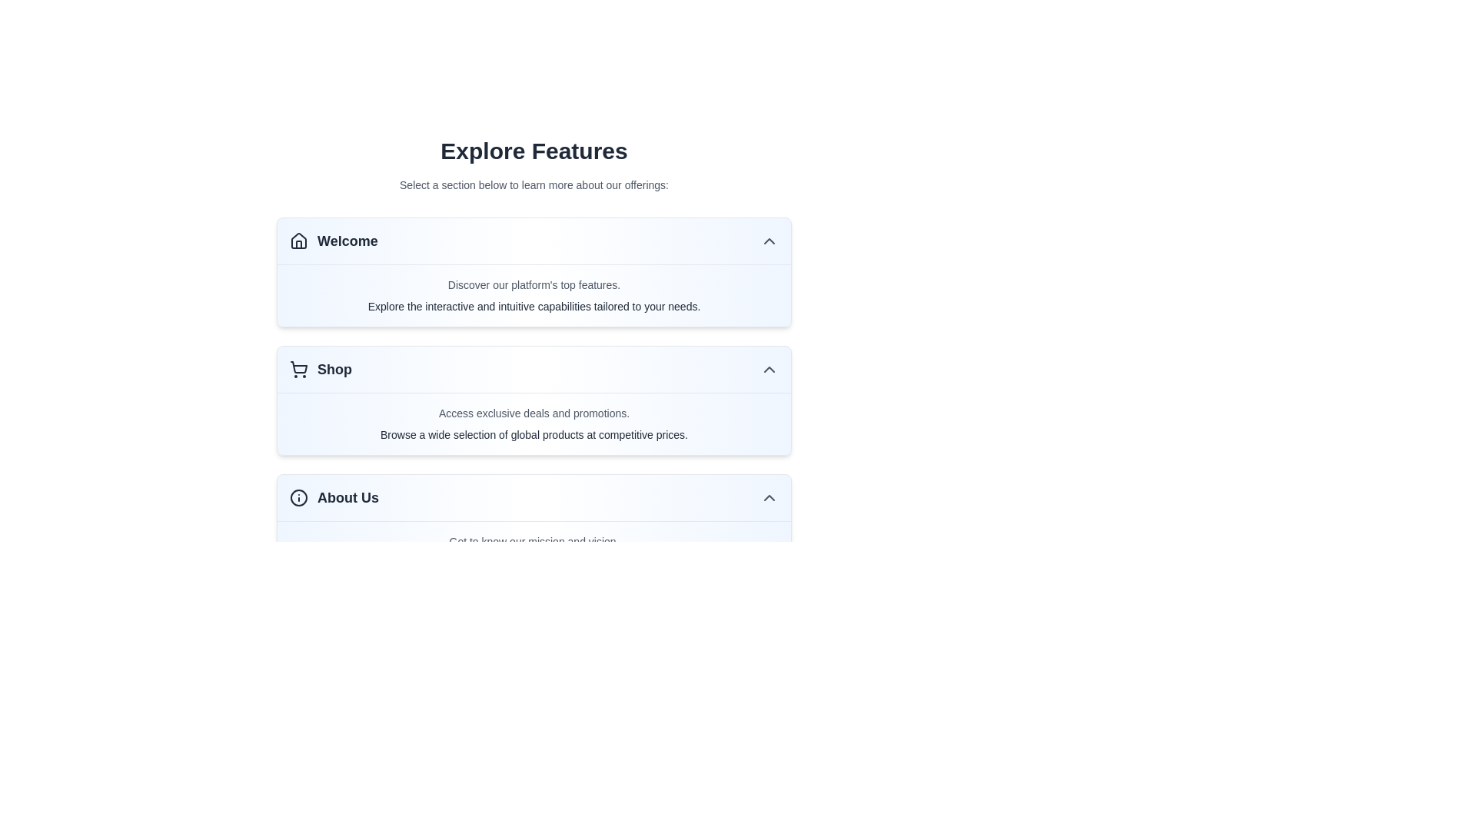 The height and width of the screenshot is (830, 1476). Describe the element at coordinates (298, 370) in the screenshot. I see `the shopping cart icon, which is styled with a modern outline design and is black in color, located under the 'Explore Features' heading, next to the 'Shop' label` at that location.